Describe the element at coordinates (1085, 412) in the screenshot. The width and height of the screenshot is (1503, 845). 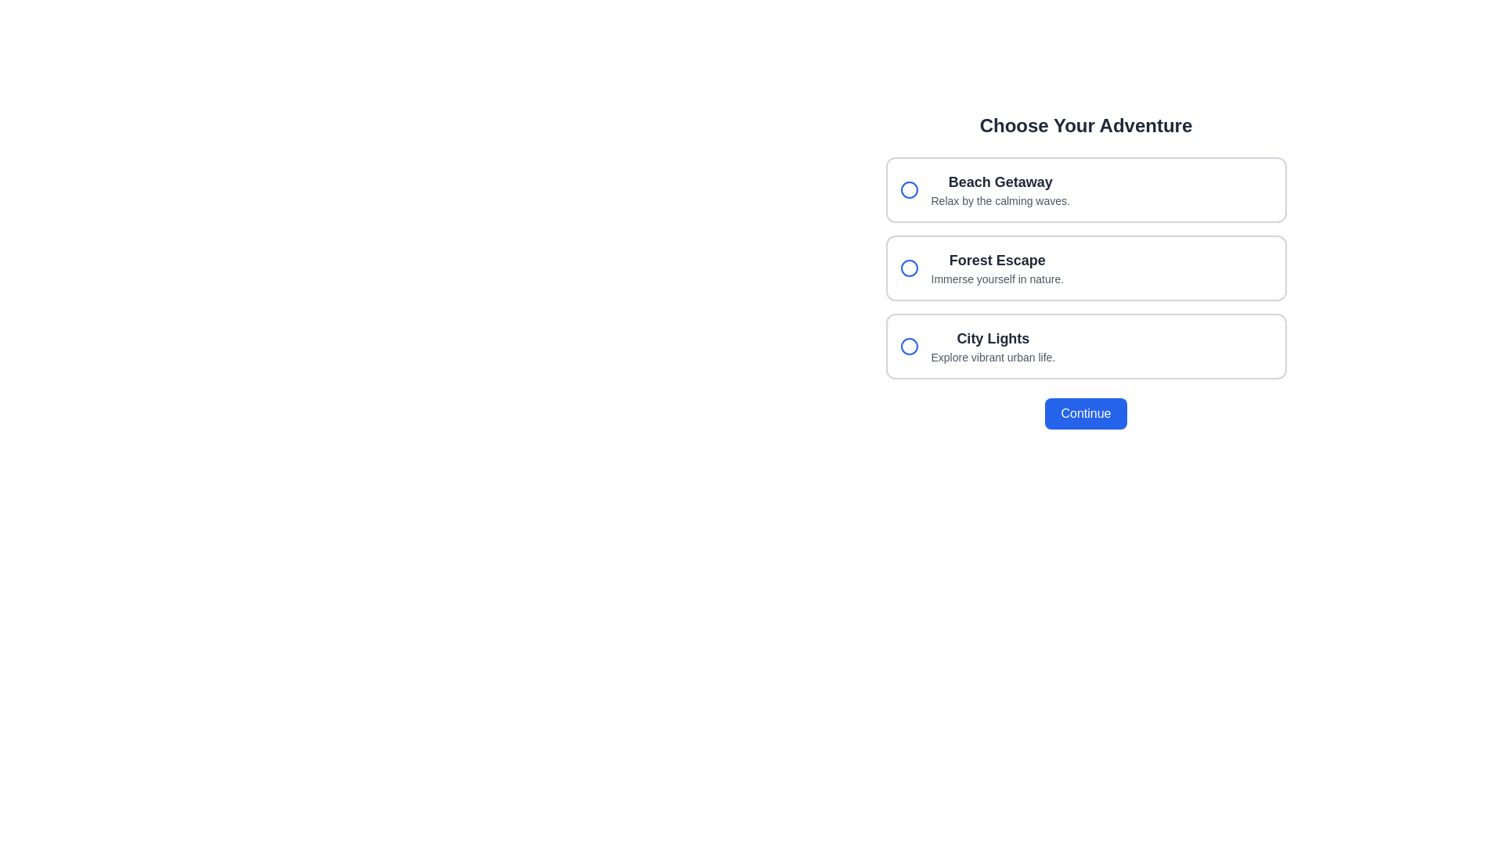
I see `the submission button located centrally at the bottom of the layout to observe the visual hover change` at that location.